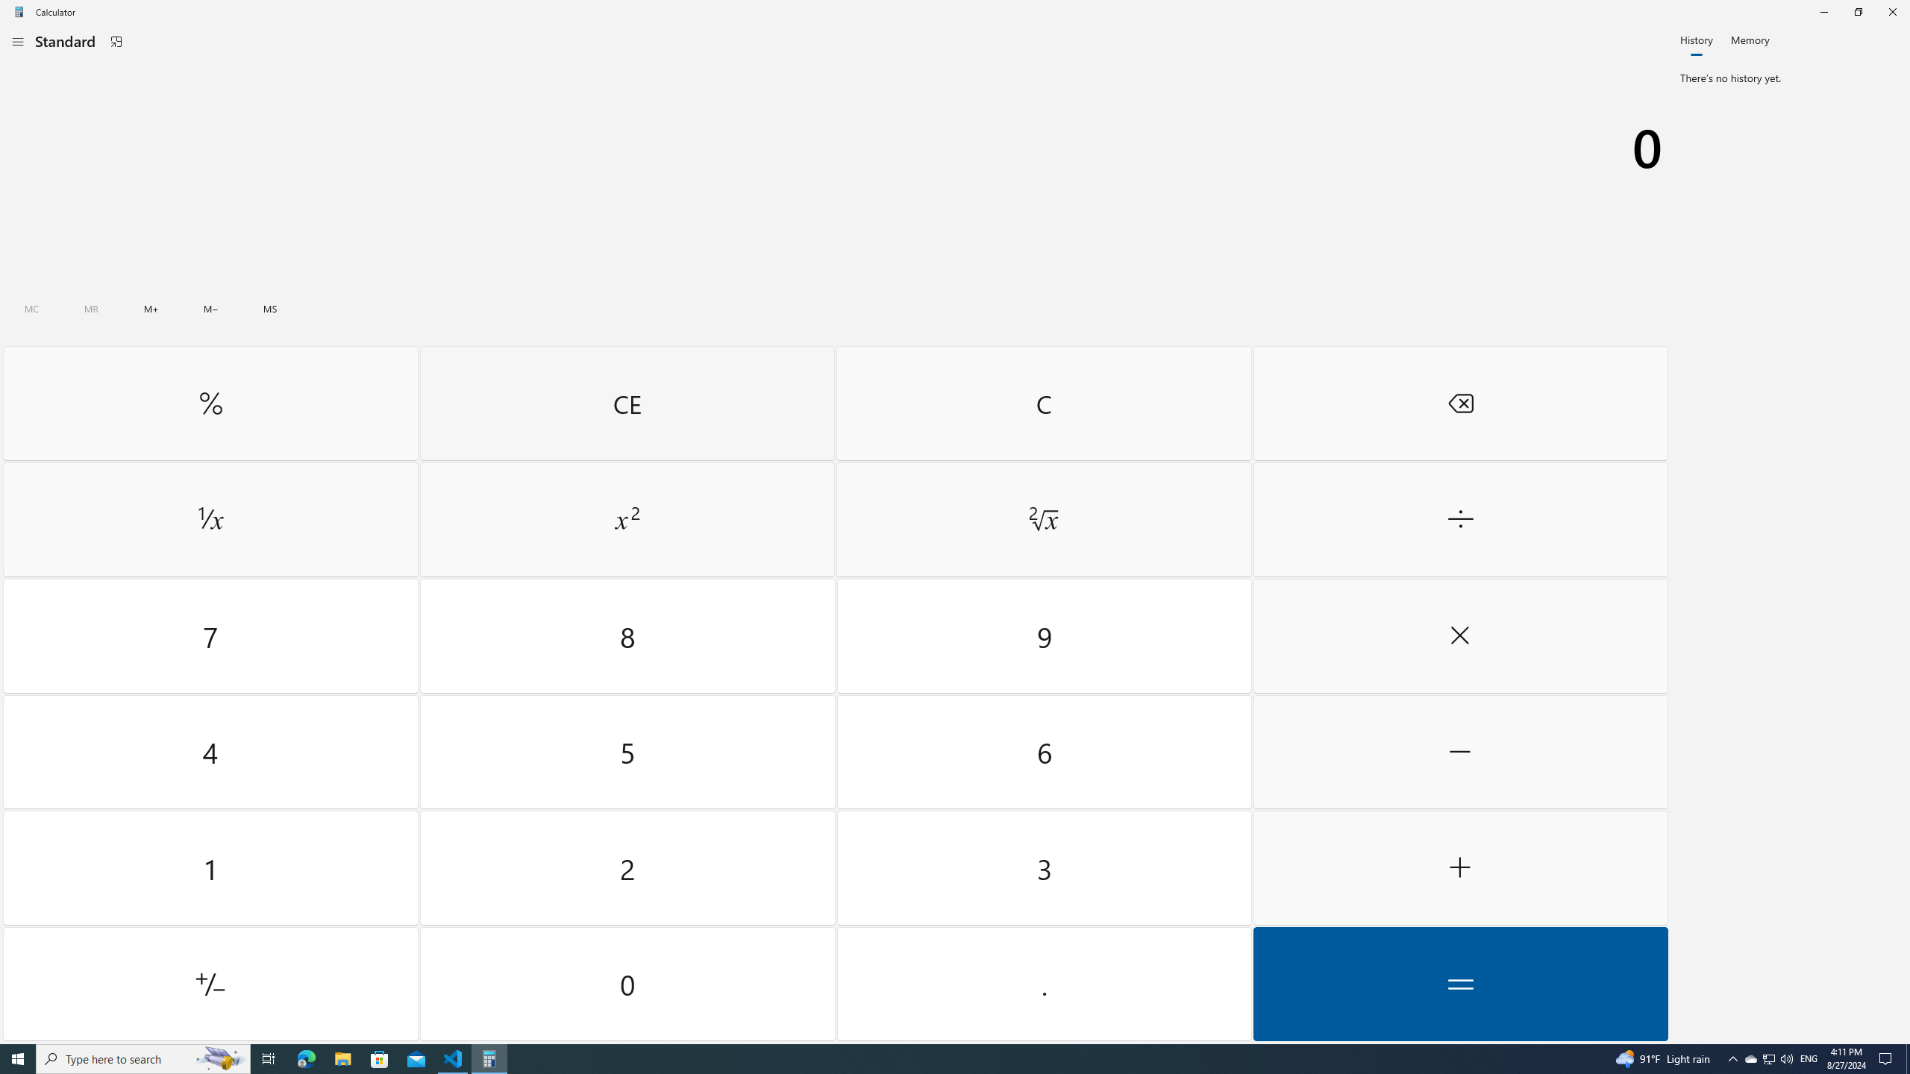 This screenshot has height=1074, width=1910. What do you see at coordinates (1043, 636) in the screenshot?
I see `'Nine'` at bounding box center [1043, 636].